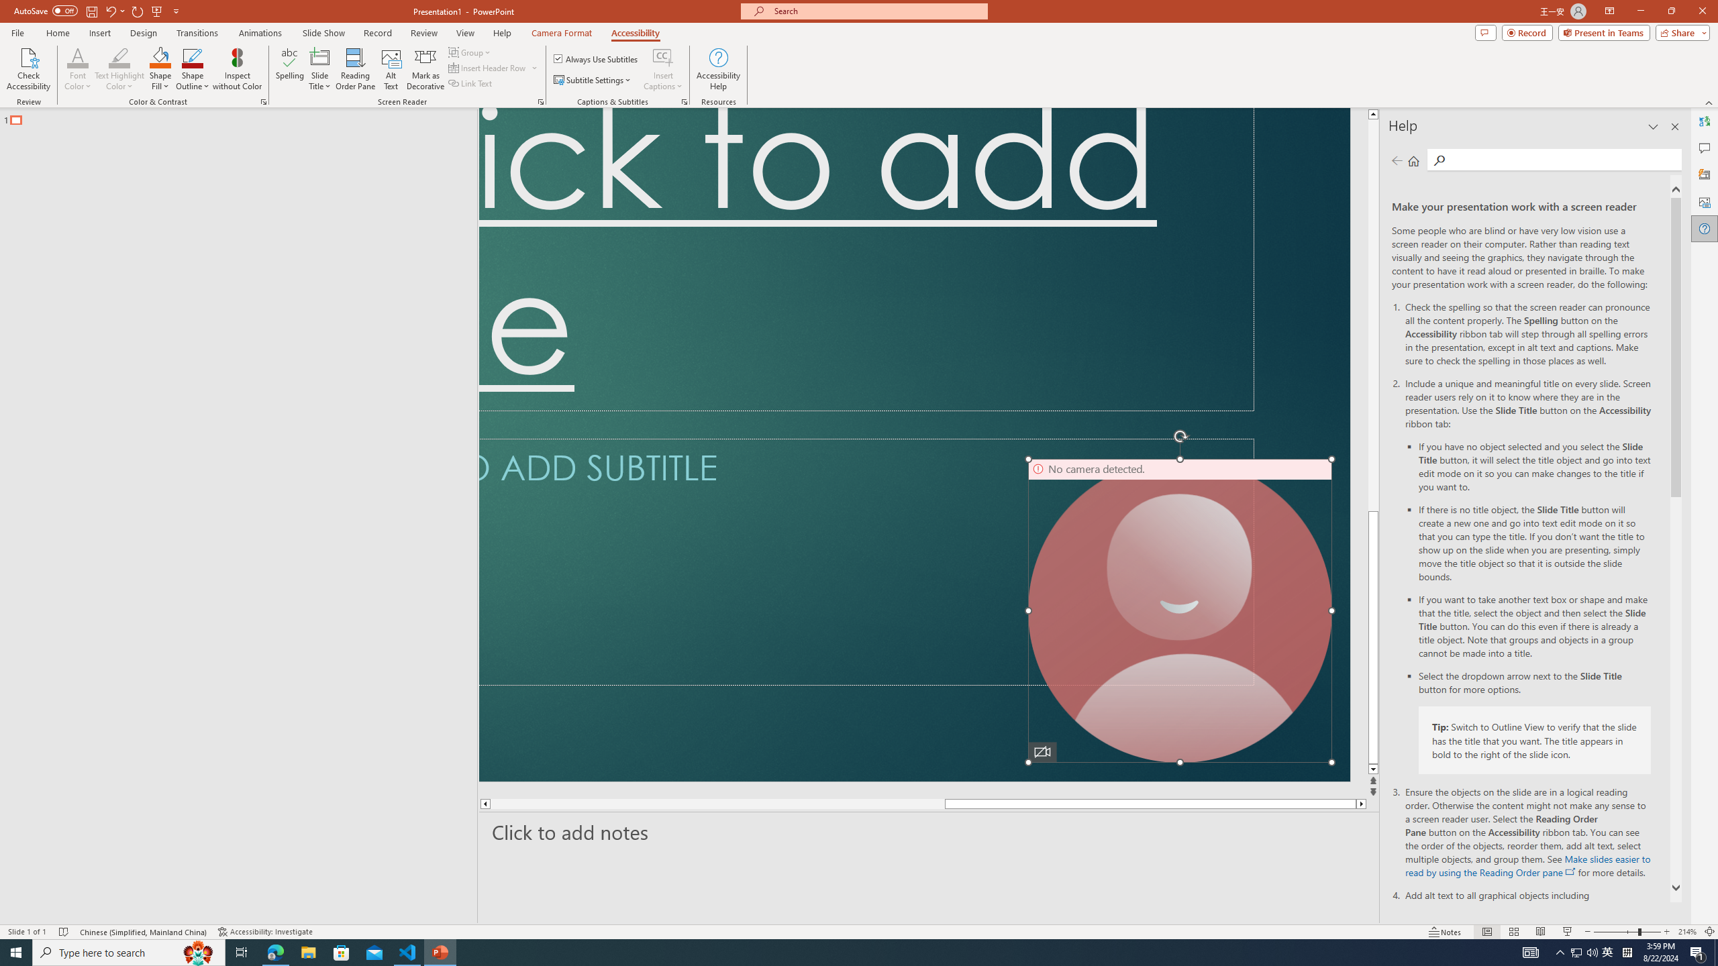  What do you see at coordinates (1396, 160) in the screenshot?
I see `'Previous page'` at bounding box center [1396, 160].